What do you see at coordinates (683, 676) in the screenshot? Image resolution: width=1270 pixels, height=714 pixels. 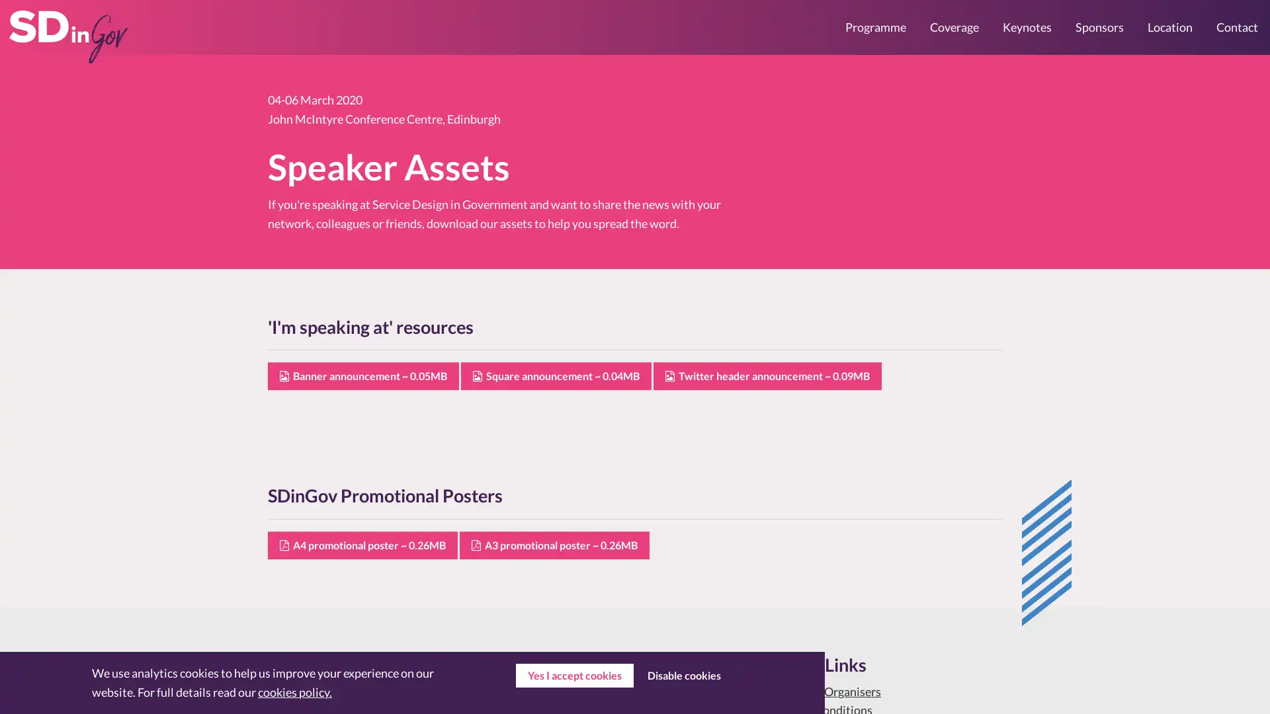 I see `Disable cookies` at bounding box center [683, 676].